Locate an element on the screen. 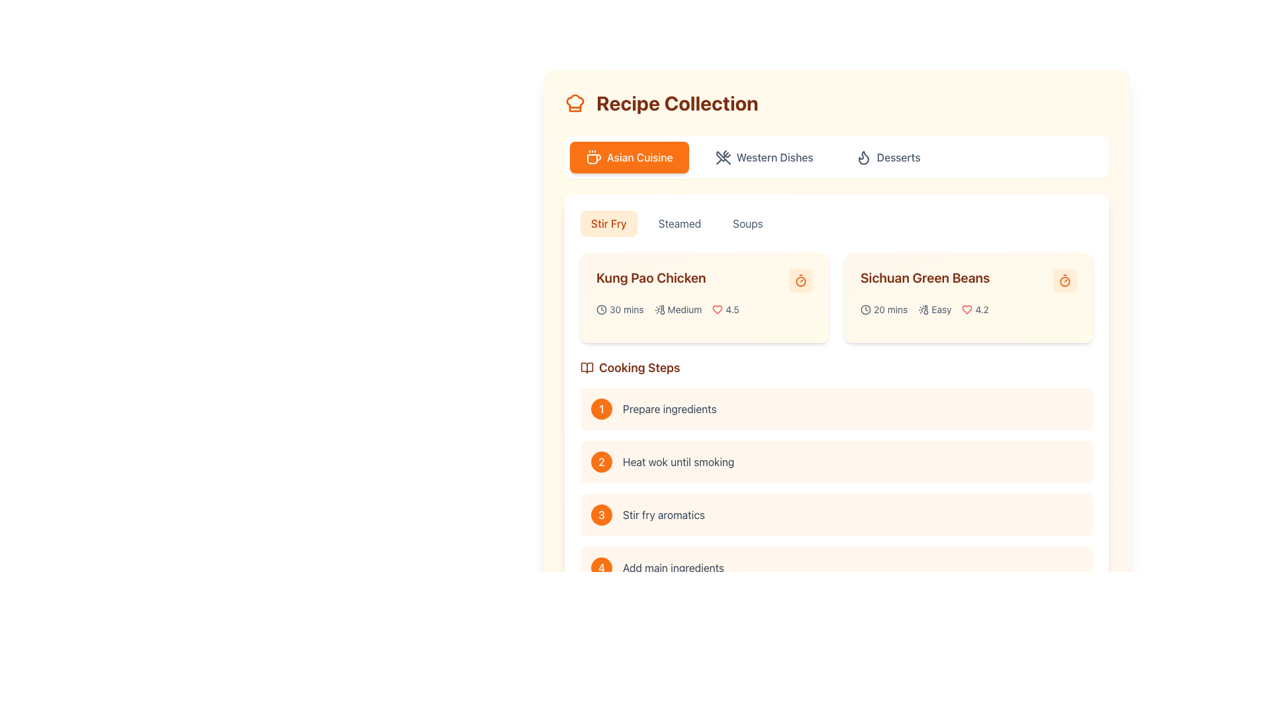 This screenshot has height=715, width=1271. the 'Recipe Collection' text label, which is bold, prominently displayed in a large stylish font, and colored orange, located centrally near the top of the interface is located at coordinates (677, 102).